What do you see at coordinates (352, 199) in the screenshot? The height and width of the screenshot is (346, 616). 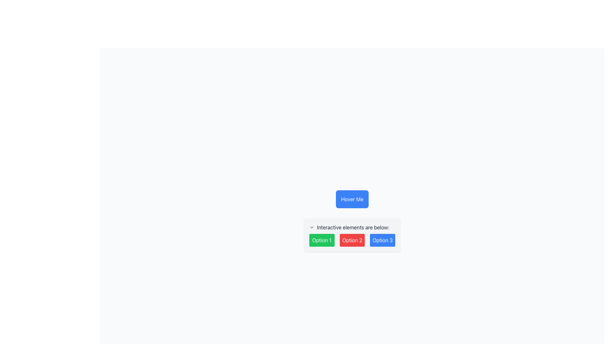 I see `the 'Hover Me' text label located within the blue rounded button situated above the smaller option buttons` at bounding box center [352, 199].